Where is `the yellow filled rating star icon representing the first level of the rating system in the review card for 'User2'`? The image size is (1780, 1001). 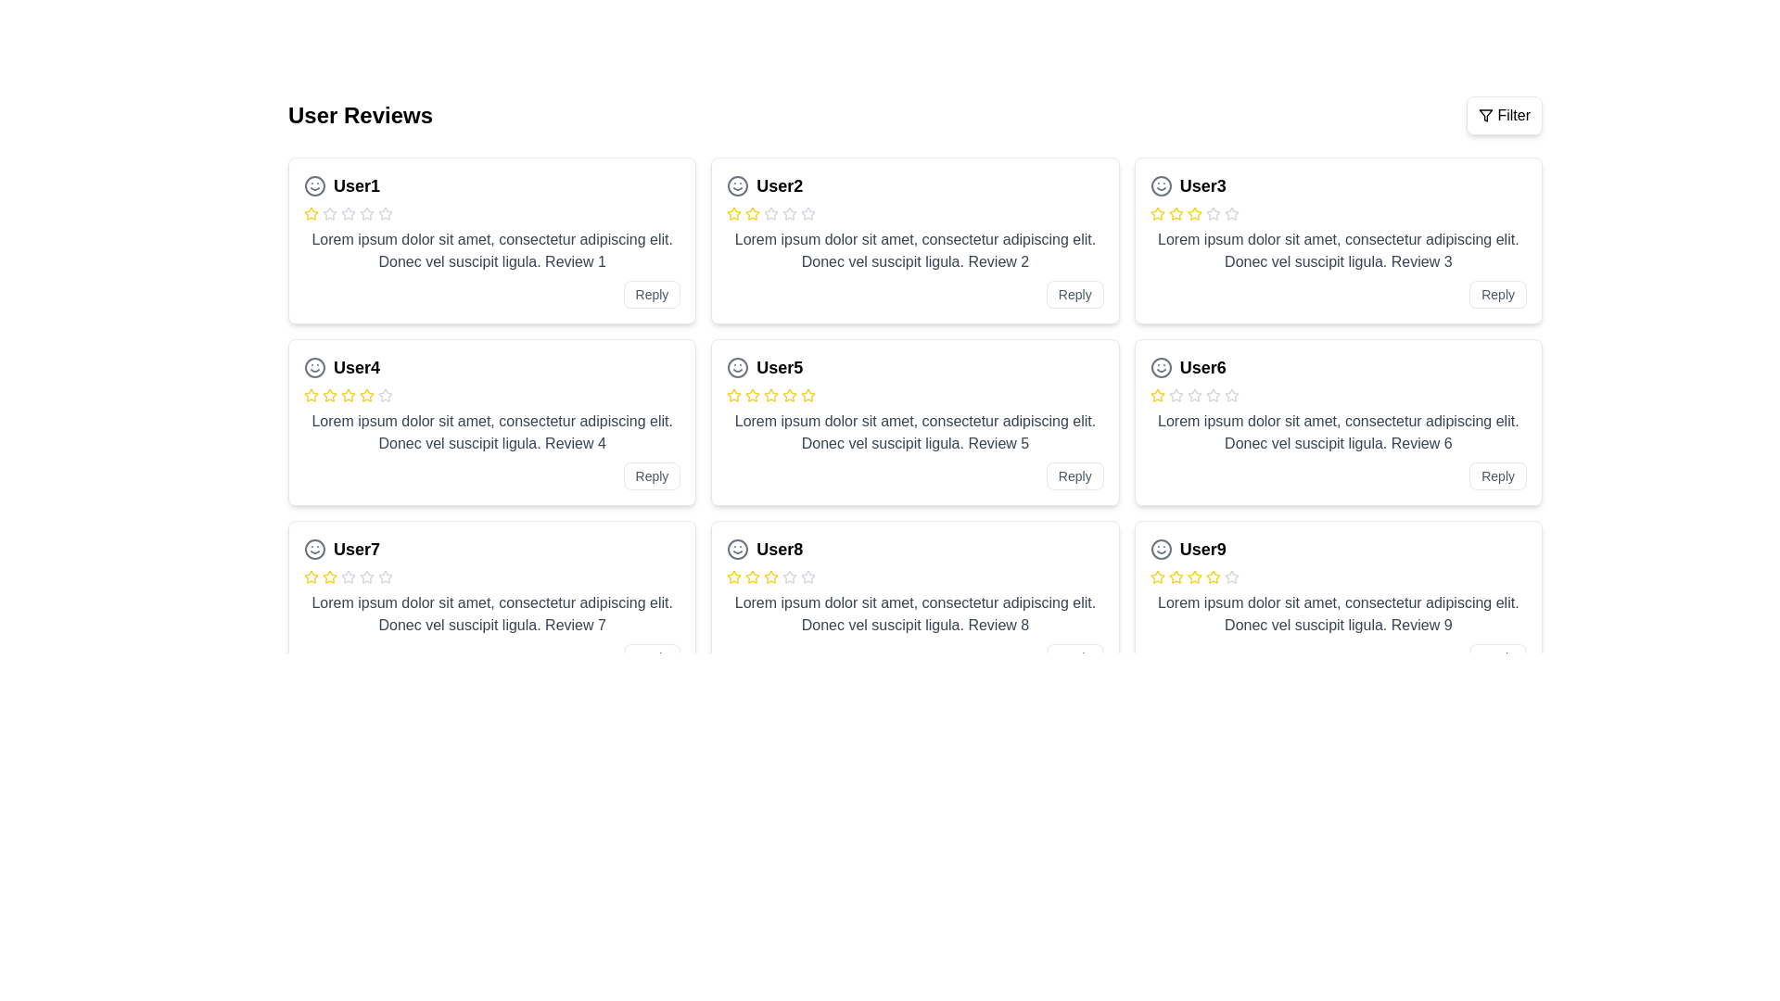
the yellow filled rating star icon representing the first level of the rating system in the review card for 'User2' is located at coordinates (733, 213).